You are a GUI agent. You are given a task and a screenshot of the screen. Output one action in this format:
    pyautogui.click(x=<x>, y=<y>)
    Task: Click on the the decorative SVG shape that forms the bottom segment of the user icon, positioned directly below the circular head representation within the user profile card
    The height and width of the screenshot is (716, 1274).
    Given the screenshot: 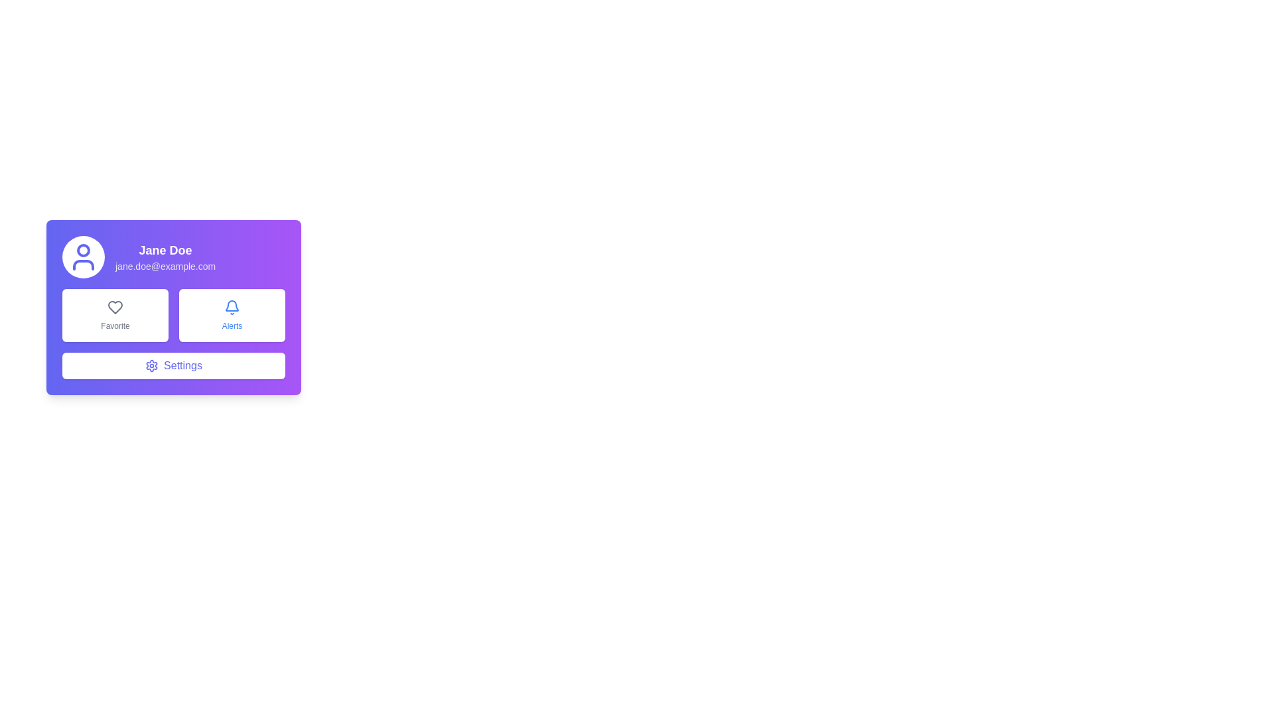 What is the action you would take?
    pyautogui.click(x=82, y=265)
    